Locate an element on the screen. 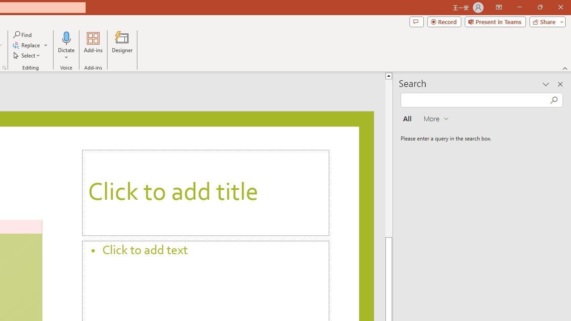 The image size is (571, 321). 'Designer' is located at coordinates (122, 46).